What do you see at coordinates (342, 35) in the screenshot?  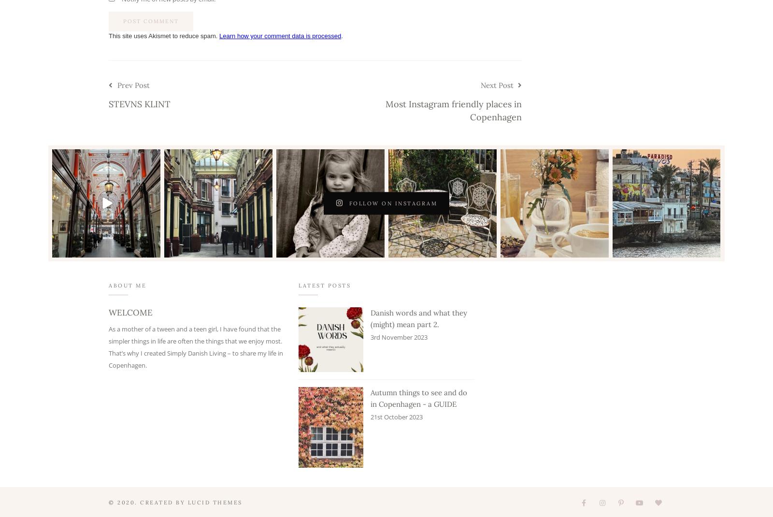 I see `'.'` at bounding box center [342, 35].